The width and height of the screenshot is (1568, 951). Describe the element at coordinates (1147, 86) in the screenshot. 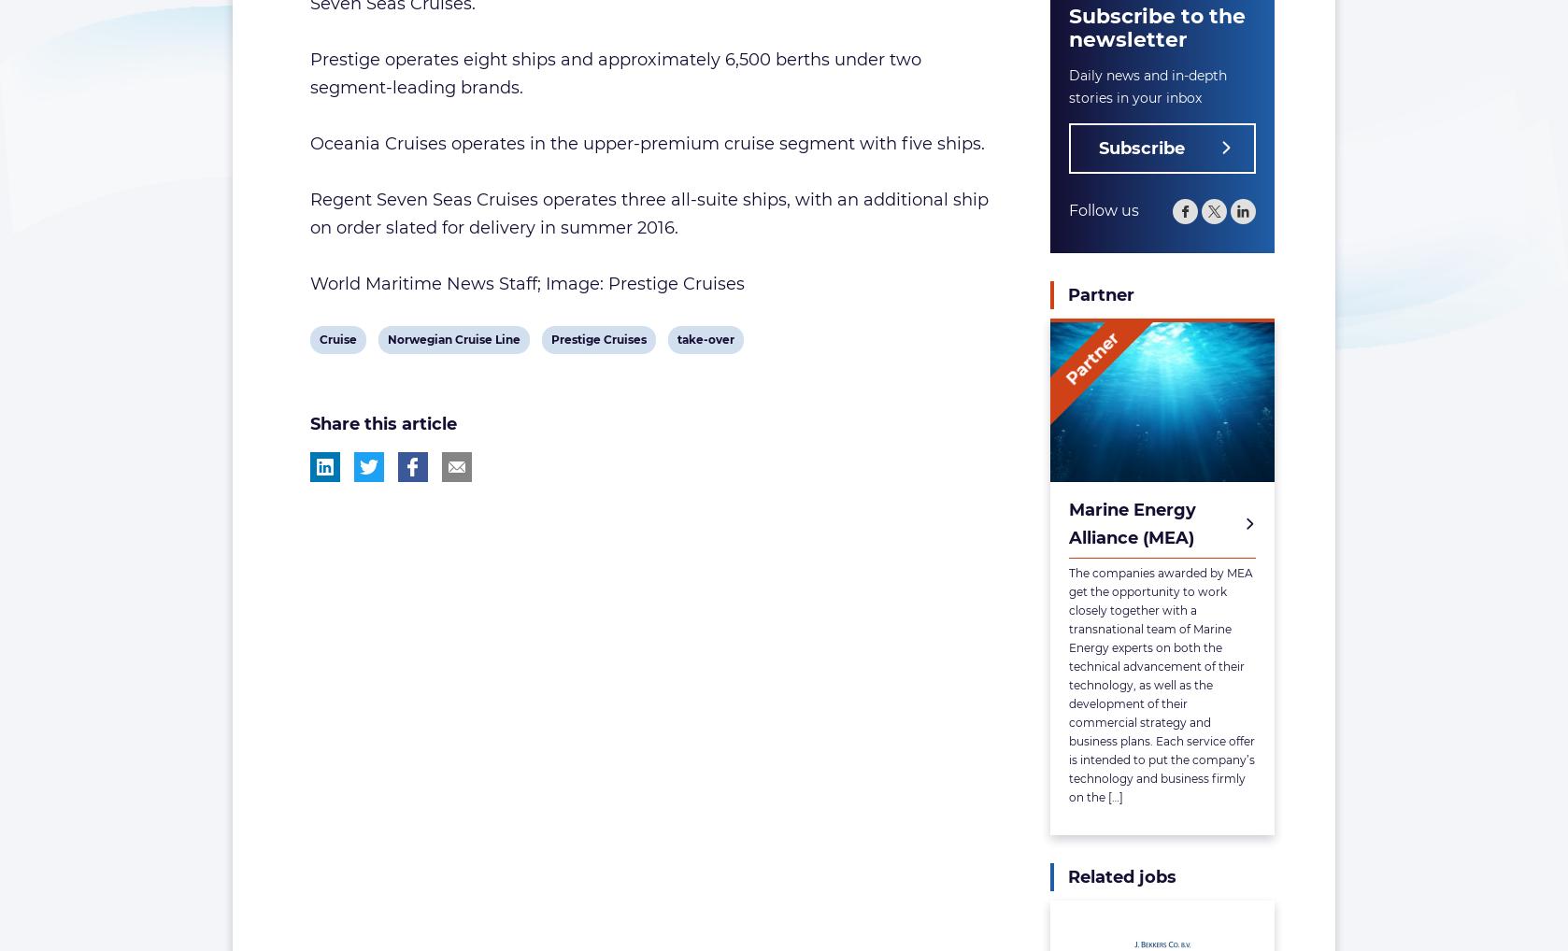

I see `'Daily news and in-depth stories in your inbox'` at that location.